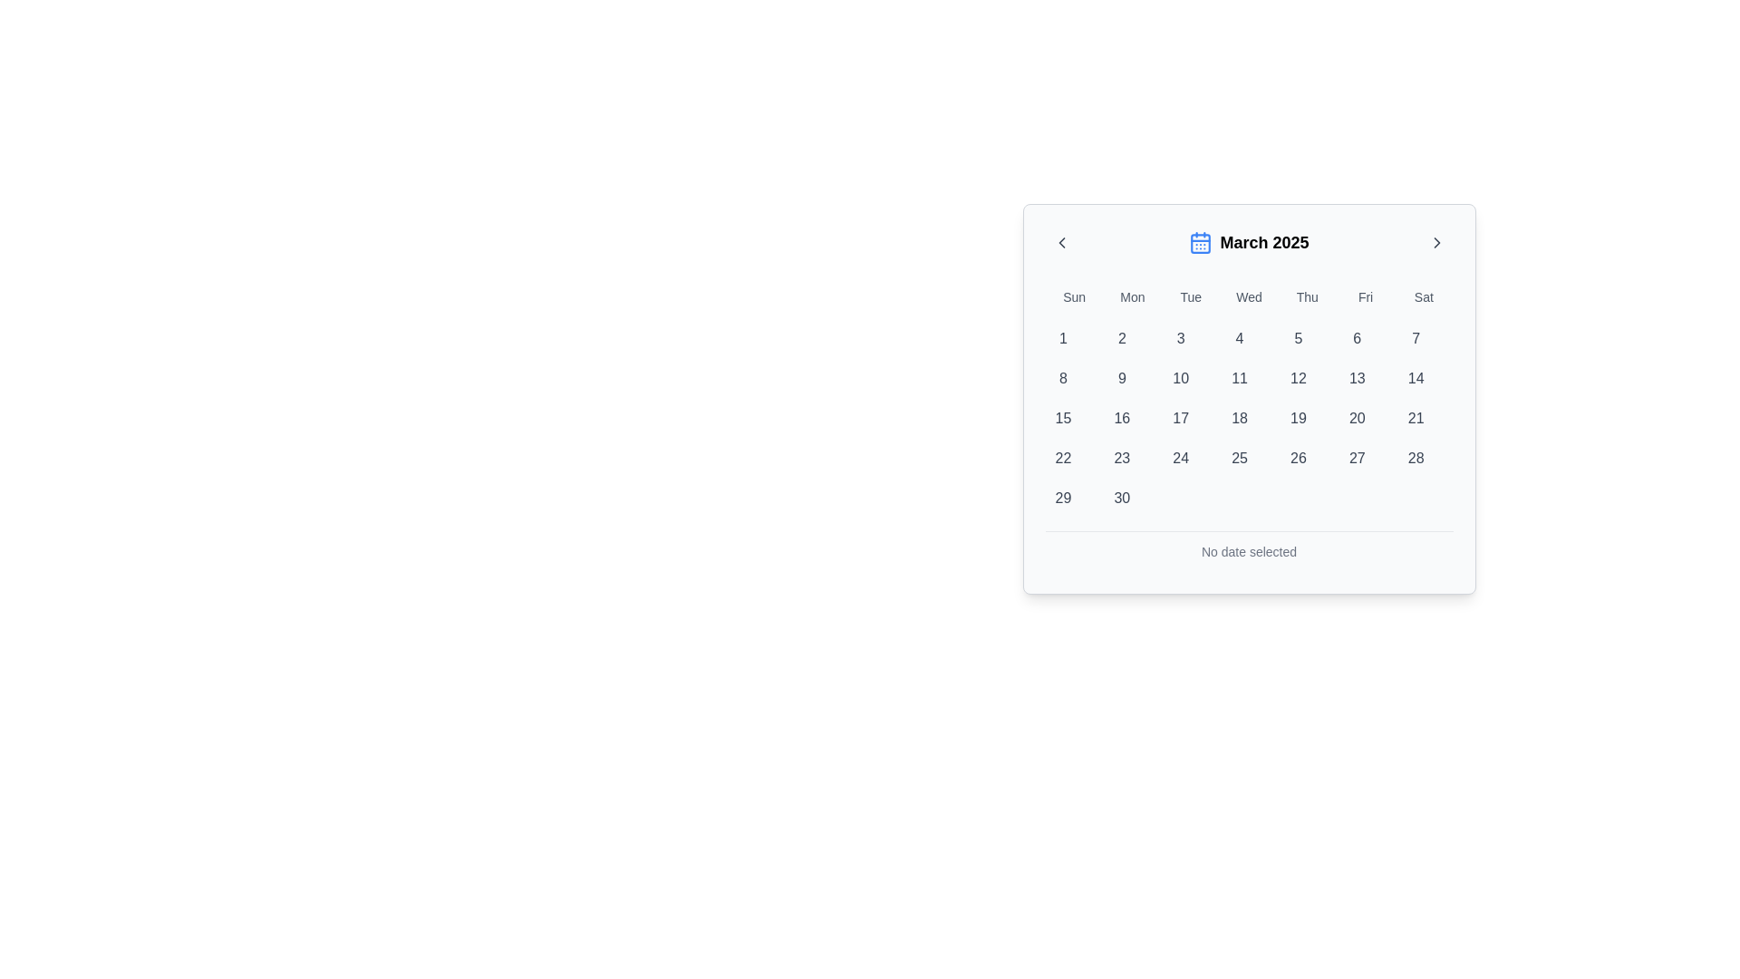  Describe the element at coordinates (1296, 339) in the screenshot. I see `the calendar date button representing '5'` at that location.